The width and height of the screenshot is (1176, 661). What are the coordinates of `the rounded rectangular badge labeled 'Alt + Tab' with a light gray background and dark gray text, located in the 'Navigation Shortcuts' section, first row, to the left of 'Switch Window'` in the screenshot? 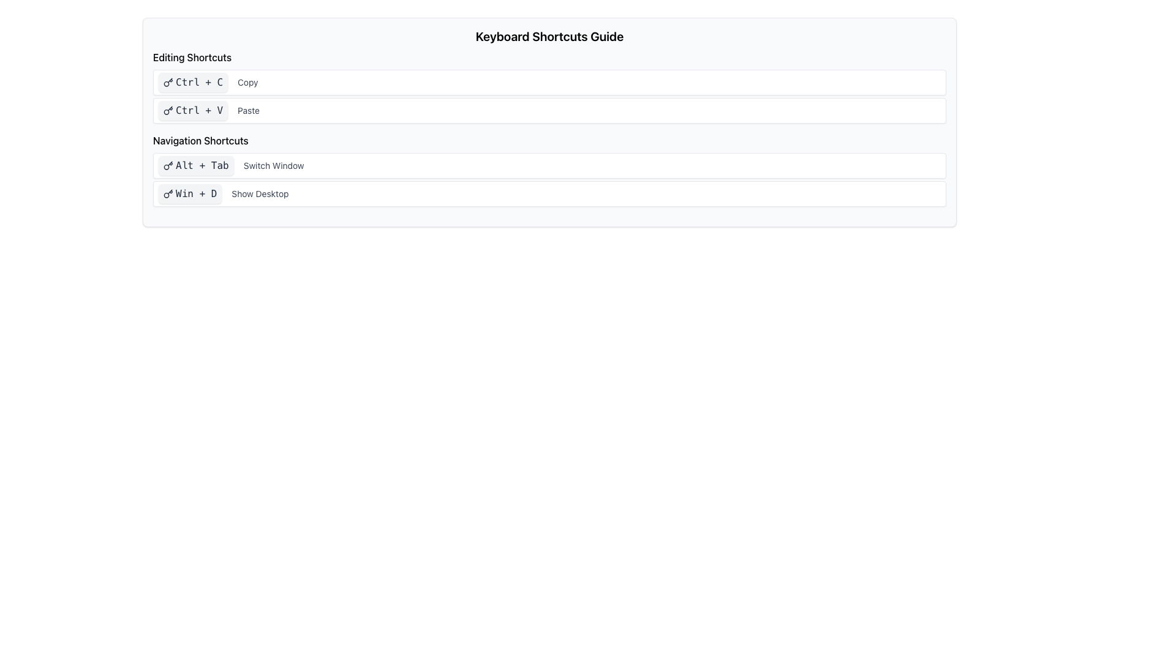 It's located at (196, 165).